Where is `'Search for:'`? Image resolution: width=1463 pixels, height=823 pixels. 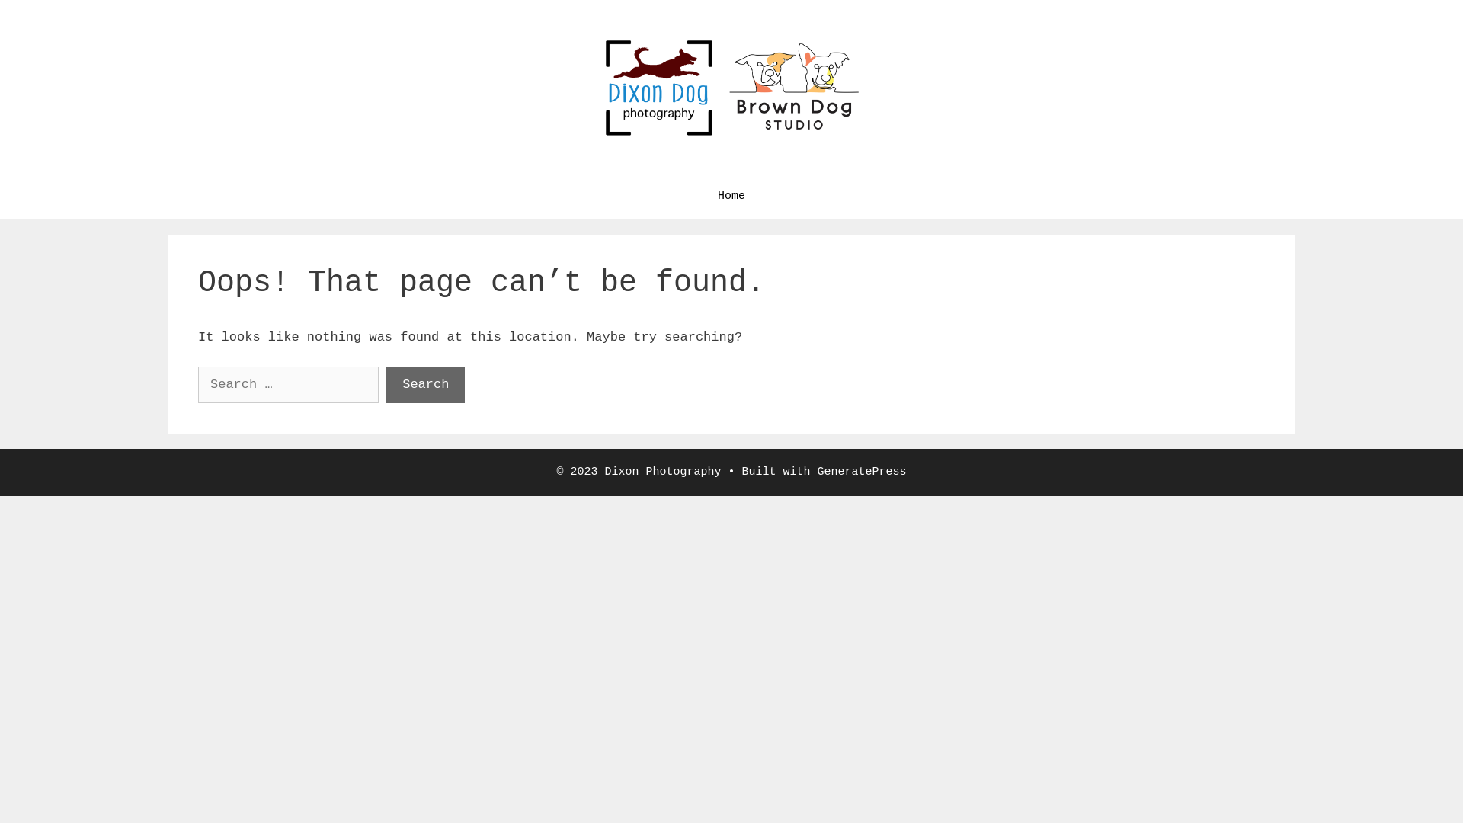
'Search for:' is located at coordinates (288, 384).